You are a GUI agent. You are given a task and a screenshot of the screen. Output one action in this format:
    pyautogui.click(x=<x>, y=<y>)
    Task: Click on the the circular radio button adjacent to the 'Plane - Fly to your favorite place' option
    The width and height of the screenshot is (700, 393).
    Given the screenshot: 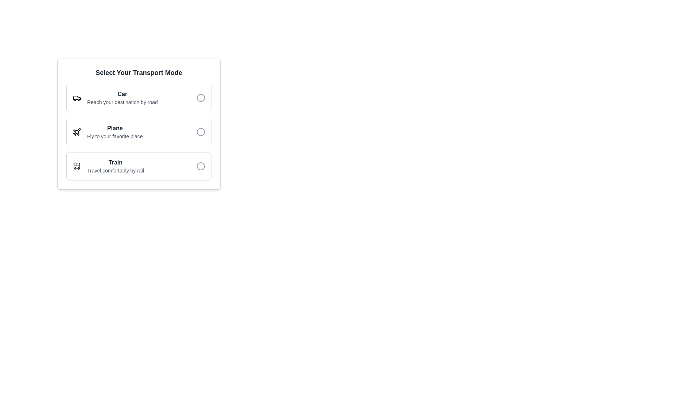 What is the action you would take?
    pyautogui.click(x=201, y=132)
    